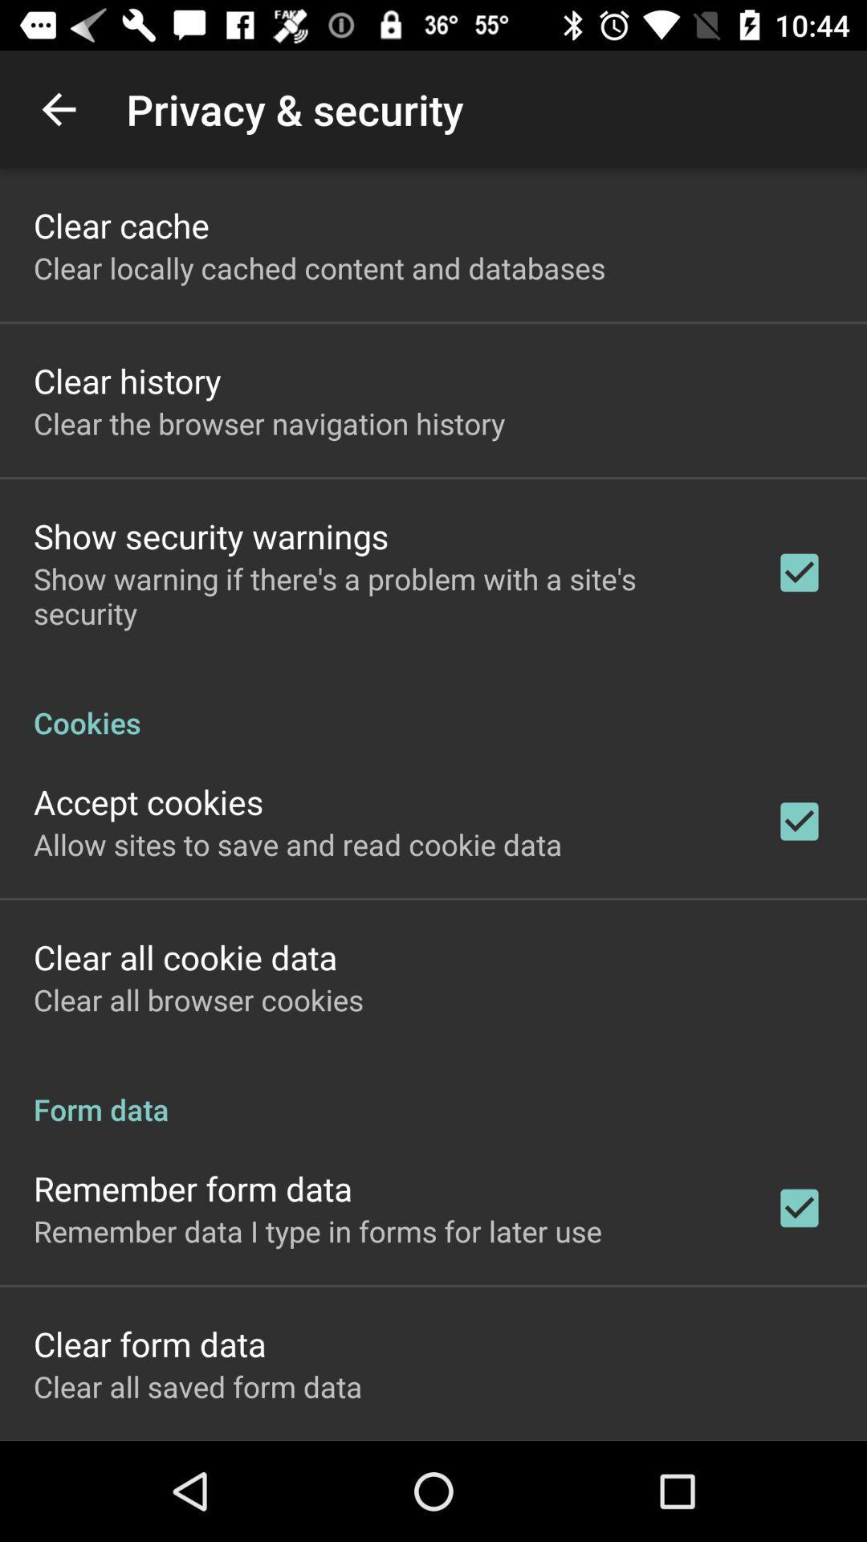 This screenshot has height=1542, width=867. I want to click on item above clear cache icon, so click(58, 108).